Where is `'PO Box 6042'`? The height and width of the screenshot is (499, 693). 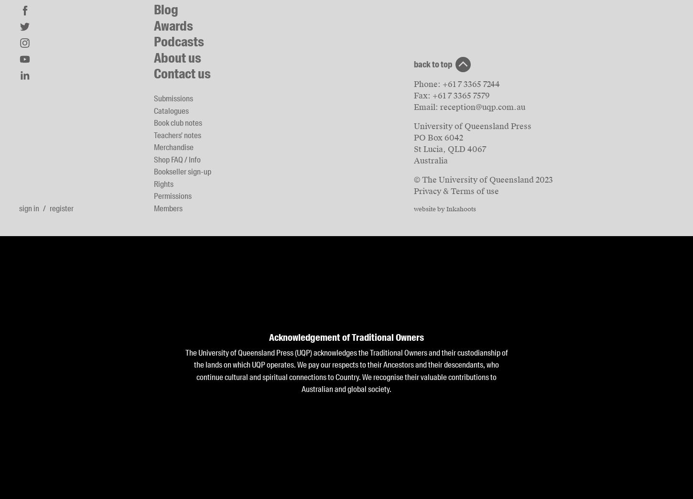 'PO Box 6042' is located at coordinates (413, 137).